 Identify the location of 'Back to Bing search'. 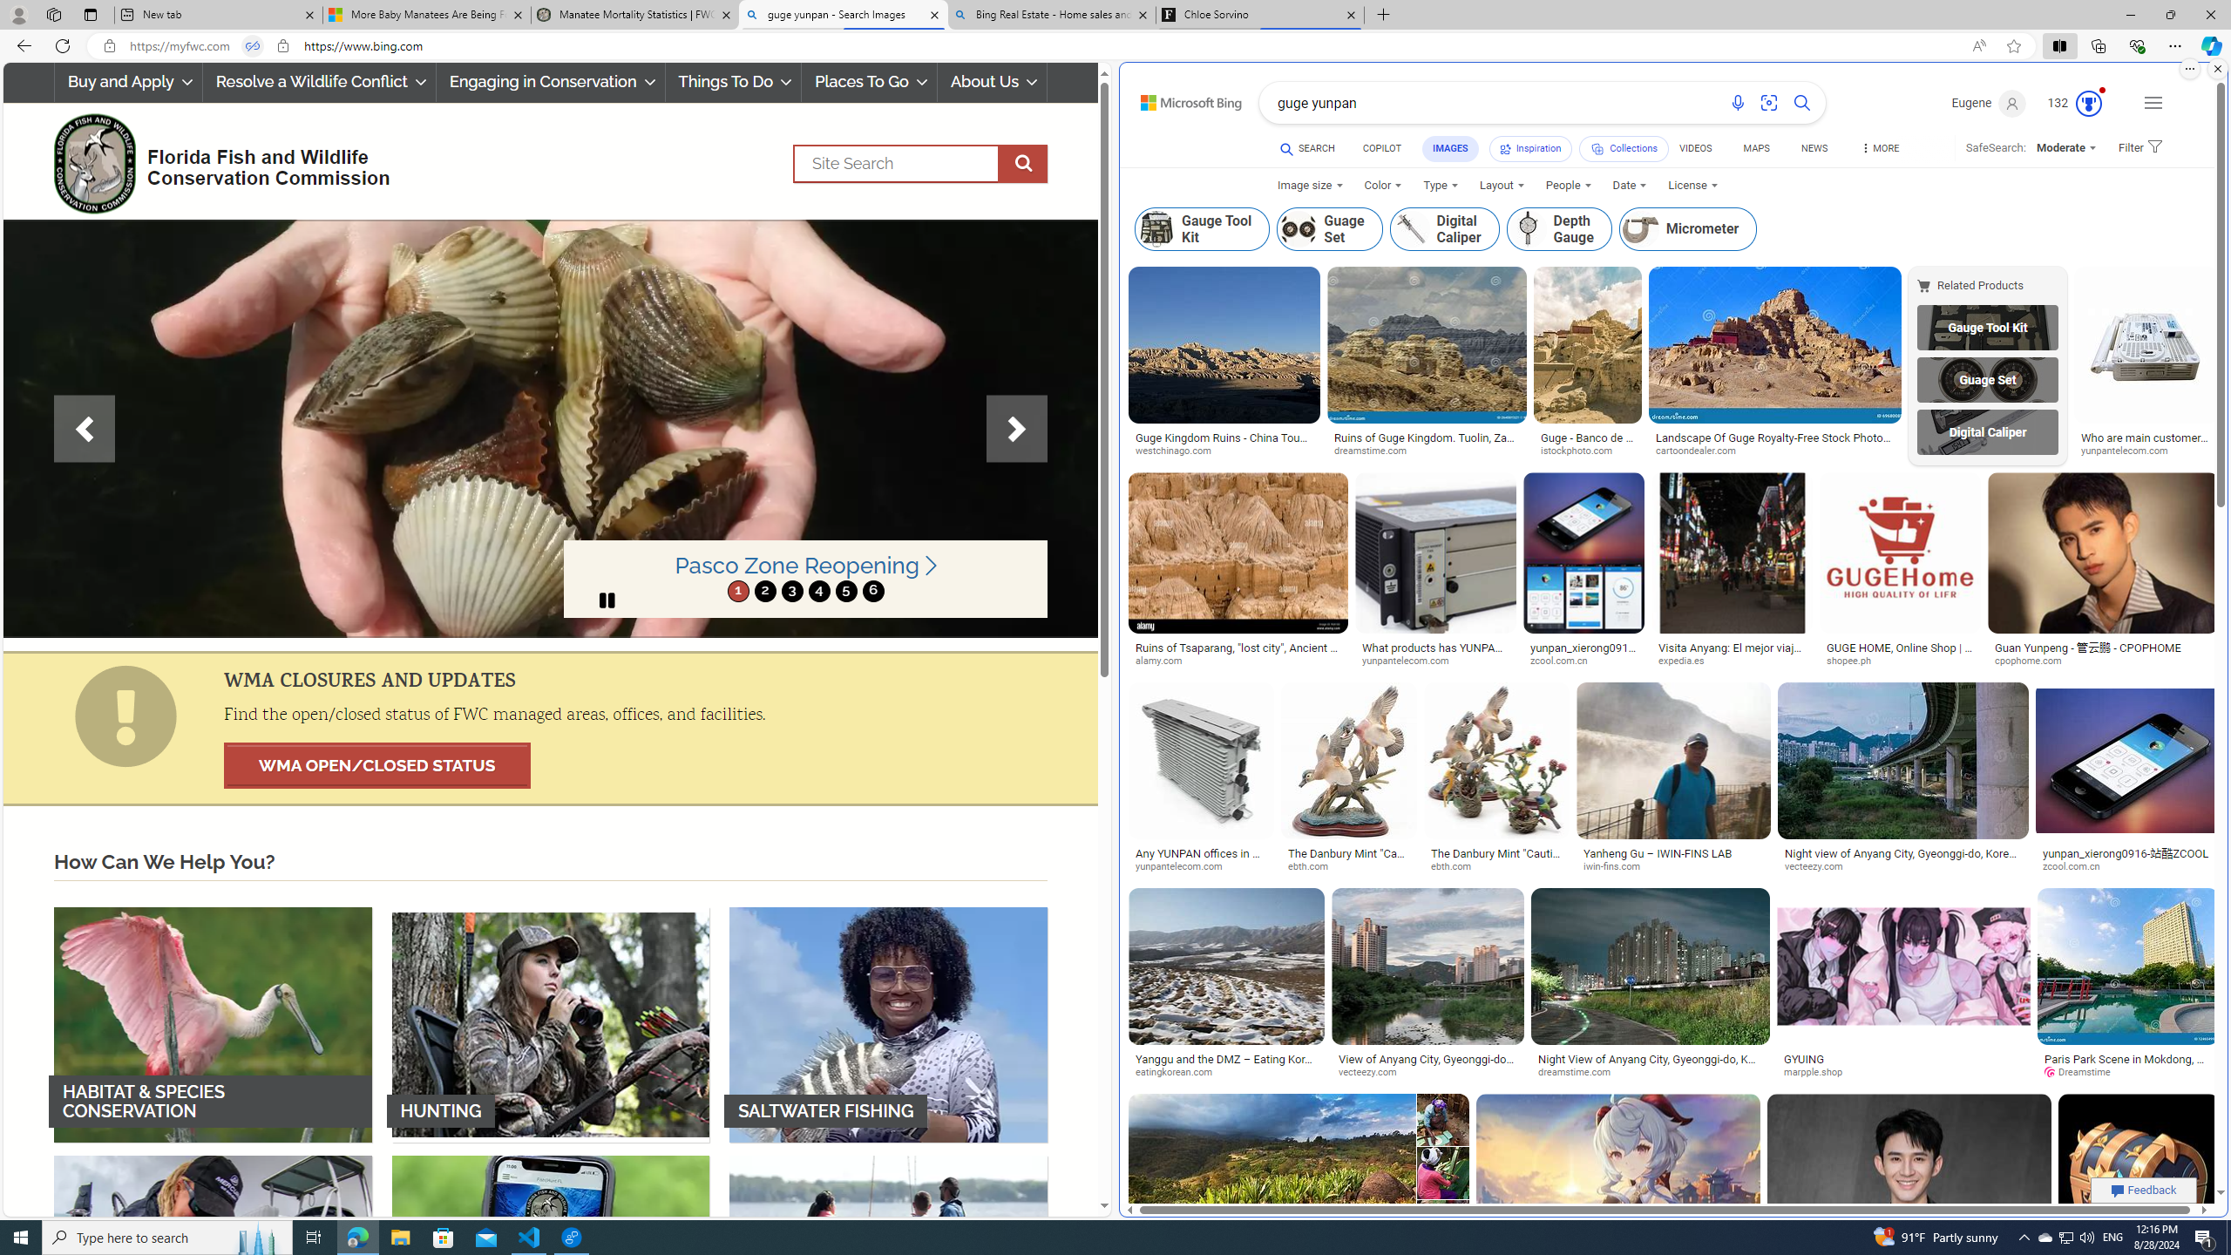
(1180, 98).